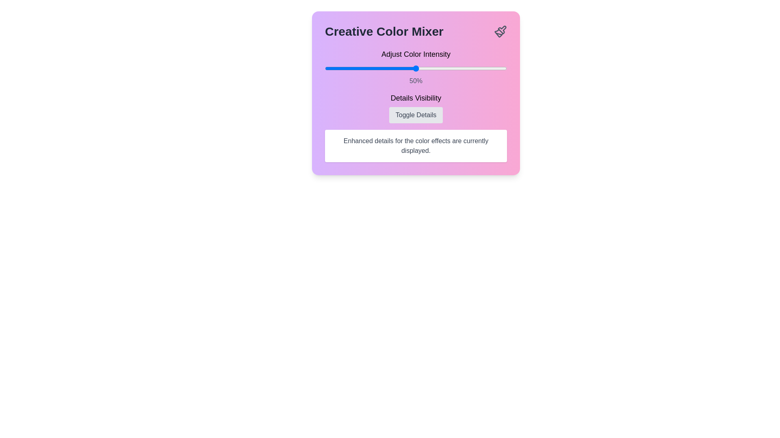 Image resolution: width=780 pixels, height=438 pixels. I want to click on the color intensity, so click(332, 68).